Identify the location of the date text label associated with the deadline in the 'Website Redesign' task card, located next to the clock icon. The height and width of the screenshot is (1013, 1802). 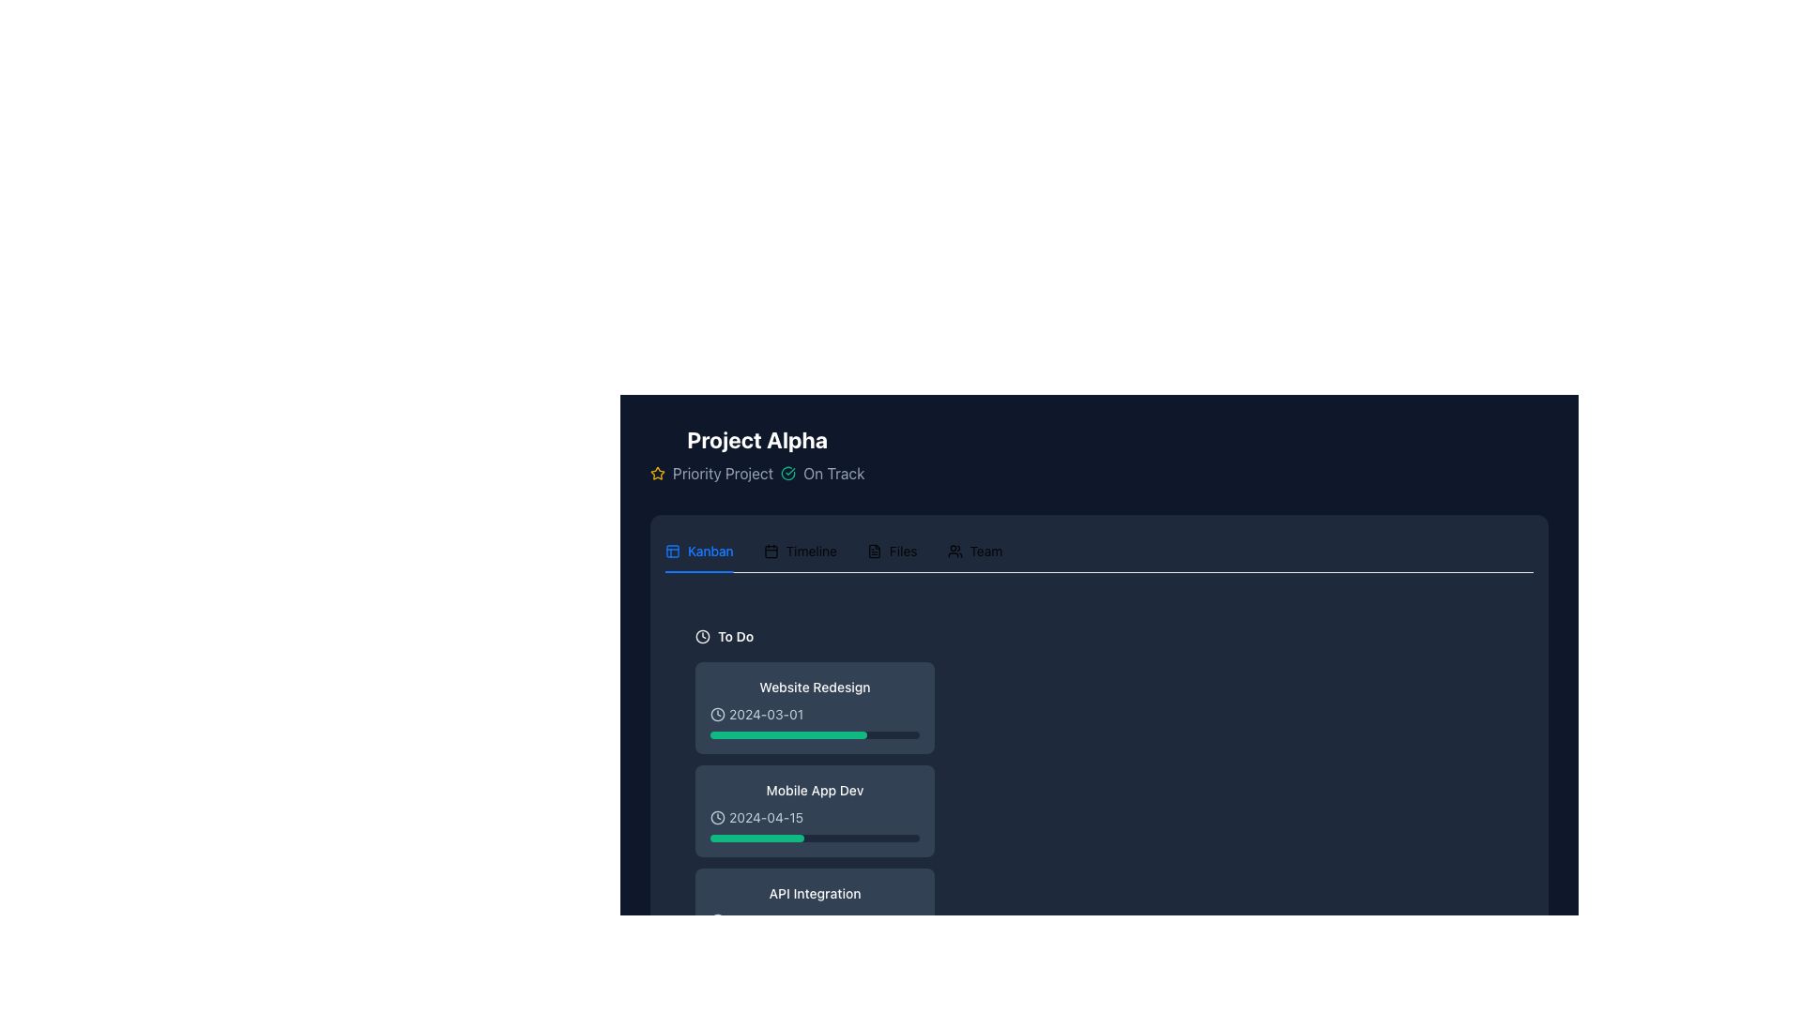
(766, 715).